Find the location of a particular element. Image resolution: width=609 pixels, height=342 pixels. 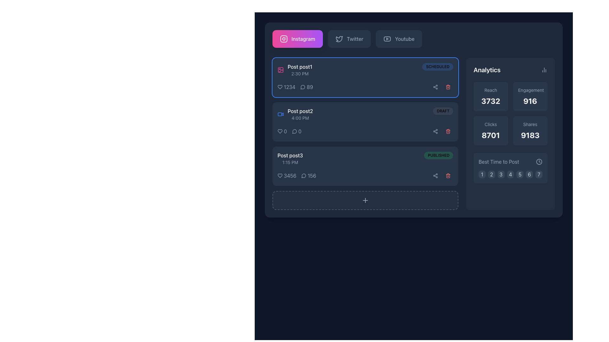

the rectangular video camera icon located within the 'Post post2' entry, positioned to the left of the timestamp '4:00 PM' is located at coordinates (279, 114).